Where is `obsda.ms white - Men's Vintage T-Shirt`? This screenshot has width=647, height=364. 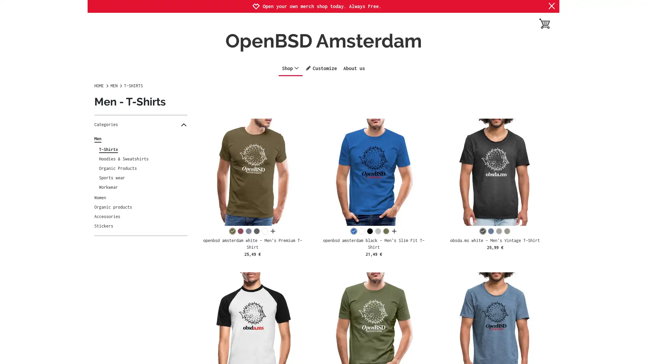
obsda.ms white - Men's Vintage T-Shirt is located at coordinates (495, 172).